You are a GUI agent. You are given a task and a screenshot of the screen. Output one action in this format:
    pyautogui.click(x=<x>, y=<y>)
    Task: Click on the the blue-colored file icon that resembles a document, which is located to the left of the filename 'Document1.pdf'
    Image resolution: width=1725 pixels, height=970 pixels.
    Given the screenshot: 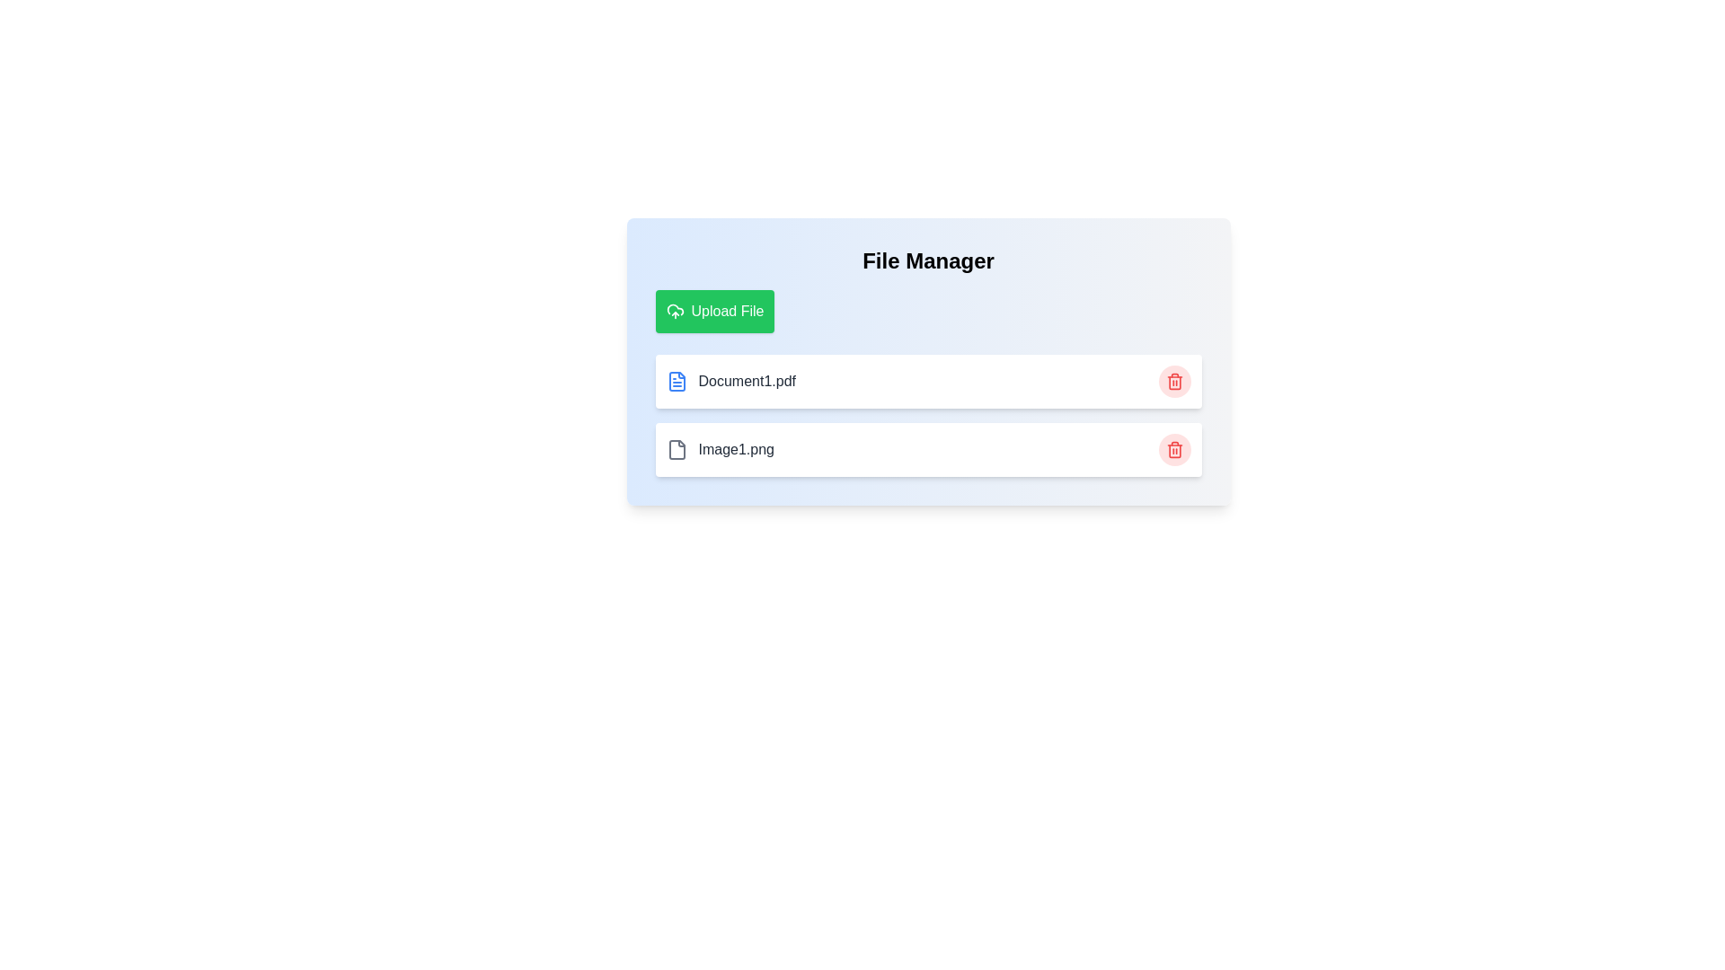 What is the action you would take?
    pyautogui.click(x=676, y=380)
    